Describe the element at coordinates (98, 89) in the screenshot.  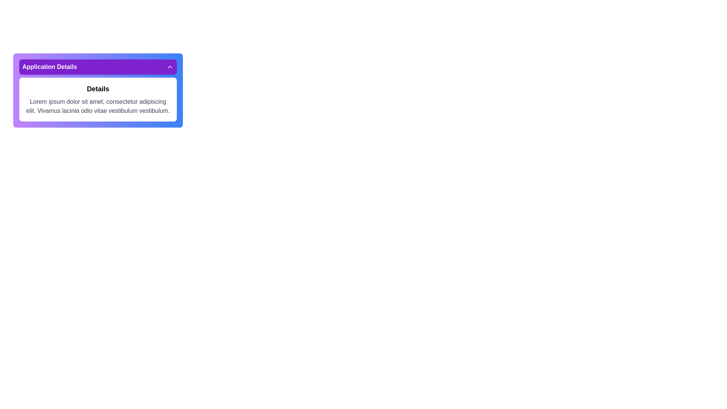
I see `the bold text label displaying 'Details', which is located at the top-left section of a white background box within the 'Application Details' user interface card` at that location.